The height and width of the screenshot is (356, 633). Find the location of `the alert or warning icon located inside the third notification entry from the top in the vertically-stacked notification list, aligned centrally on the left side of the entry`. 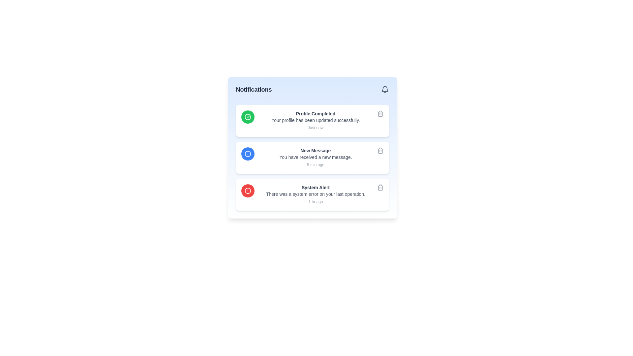

the alert or warning icon located inside the third notification entry from the top in the vertically-stacked notification list, aligned centrally on the left side of the entry is located at coordinates (247, 191).